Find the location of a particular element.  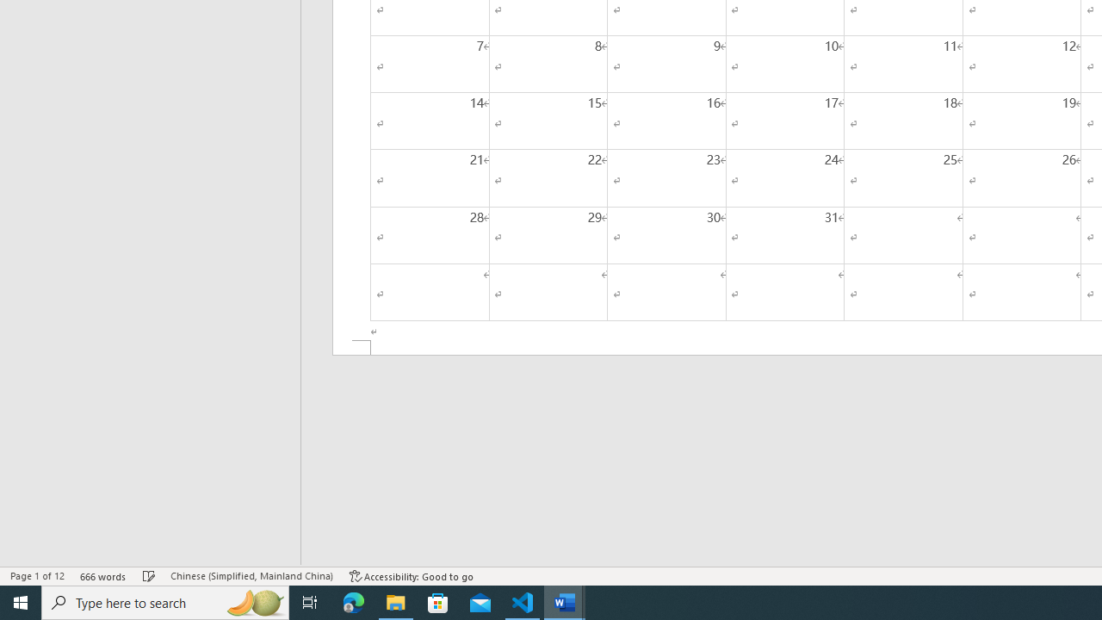

'Word Count 666 words' is located at coordinates (102, 576).